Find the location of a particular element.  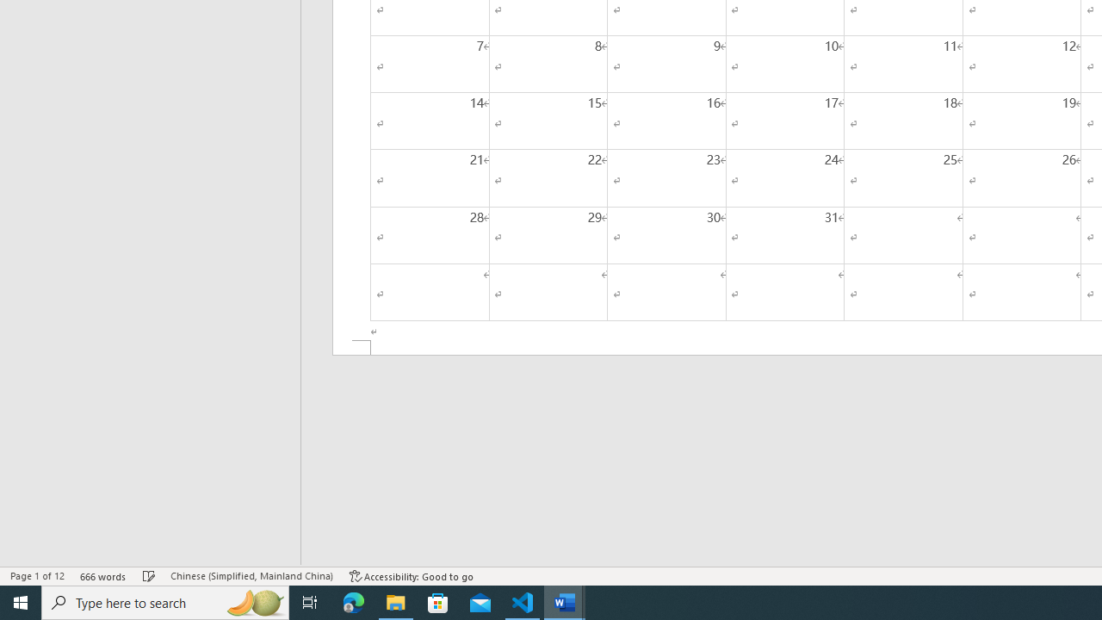

'Word Count 666 words' is located at coordinates (102, 576).